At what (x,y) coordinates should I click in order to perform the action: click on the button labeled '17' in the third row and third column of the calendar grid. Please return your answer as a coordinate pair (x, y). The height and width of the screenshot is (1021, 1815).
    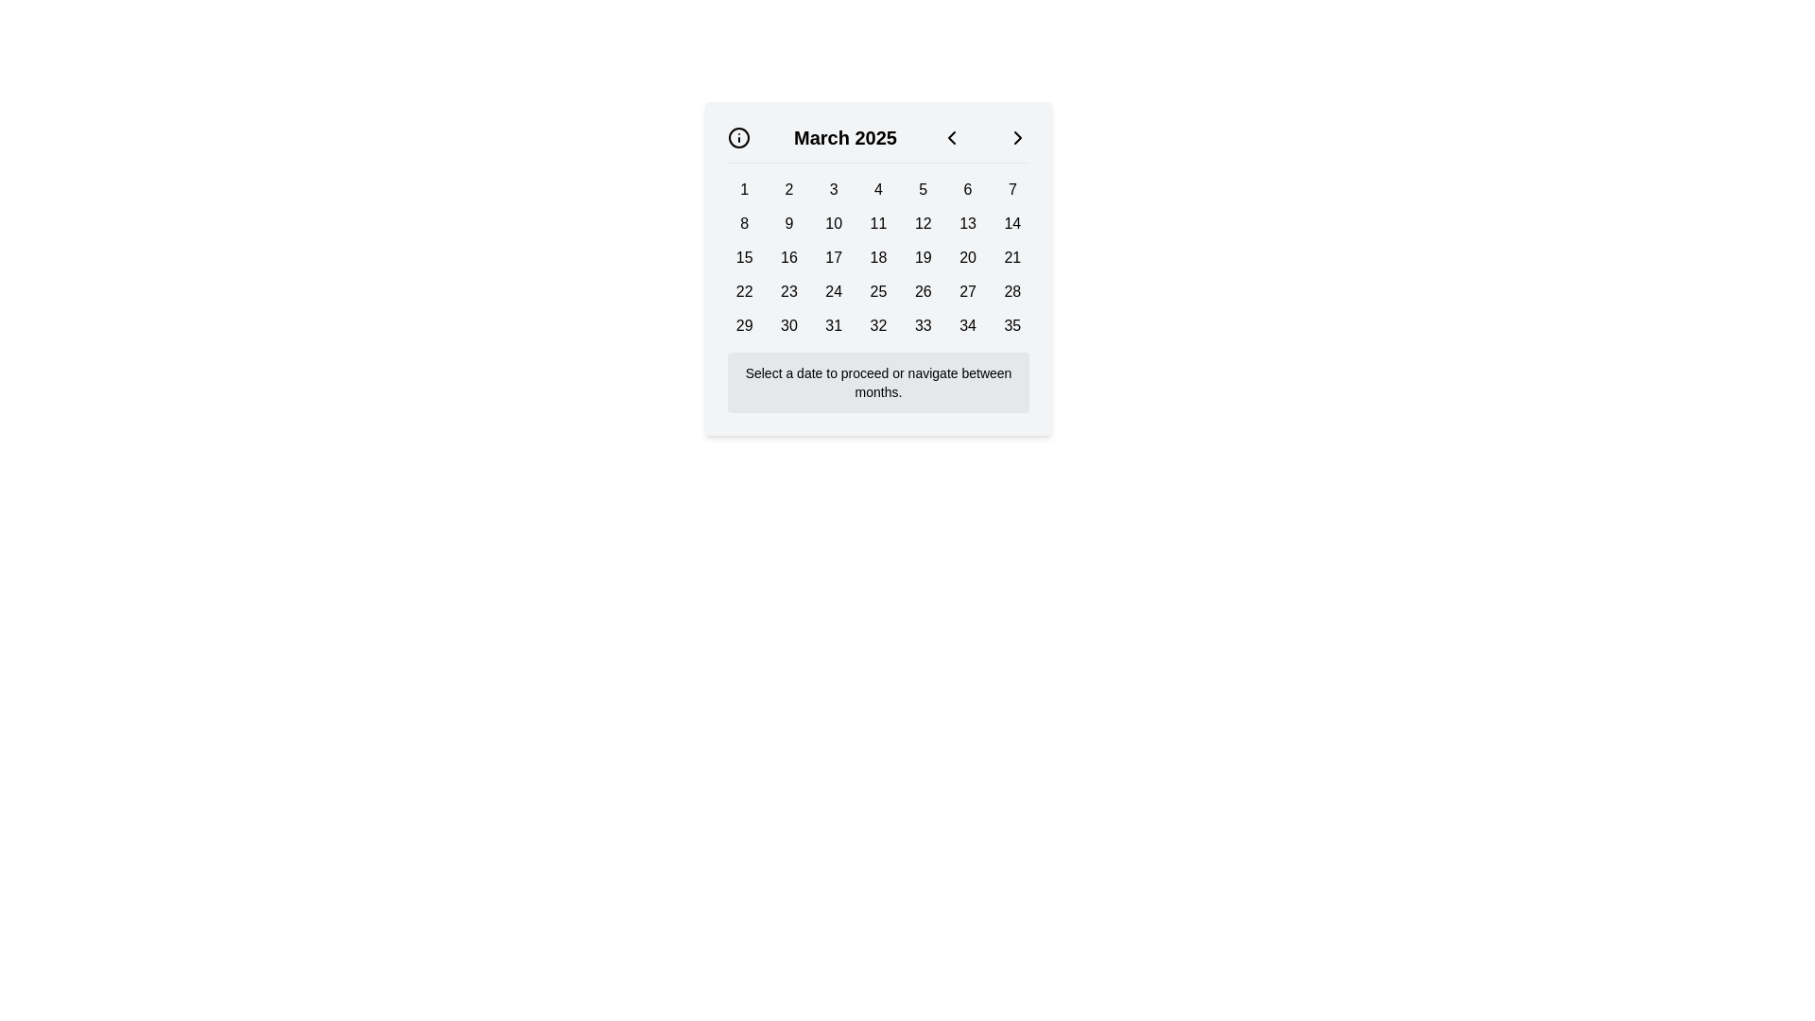
    Looking at the image, I should click on (833, 258).